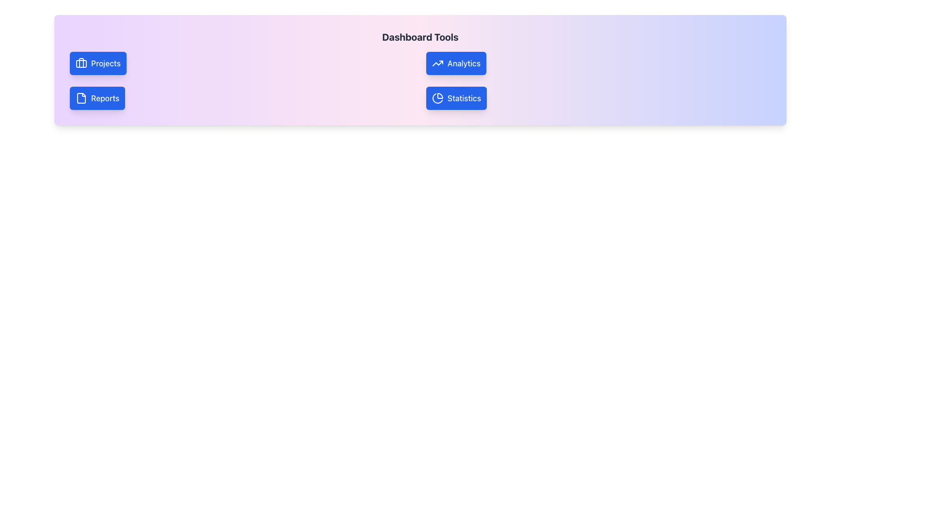 The width and height of the screenshot is (931, 523). Describe the element at coordinates (105, 98) in the screenshot. I see `the 'Reports' text label located within the rounded rectangular button, which indicates the action or destination for accessing the Reports feature` at that location.